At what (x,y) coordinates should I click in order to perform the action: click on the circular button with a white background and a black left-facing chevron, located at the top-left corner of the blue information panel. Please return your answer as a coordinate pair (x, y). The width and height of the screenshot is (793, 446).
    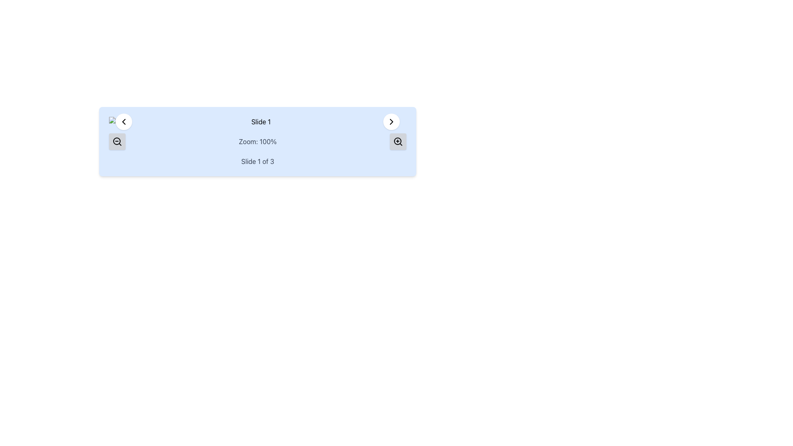
    Looking at the image, I should click on (123, 121).